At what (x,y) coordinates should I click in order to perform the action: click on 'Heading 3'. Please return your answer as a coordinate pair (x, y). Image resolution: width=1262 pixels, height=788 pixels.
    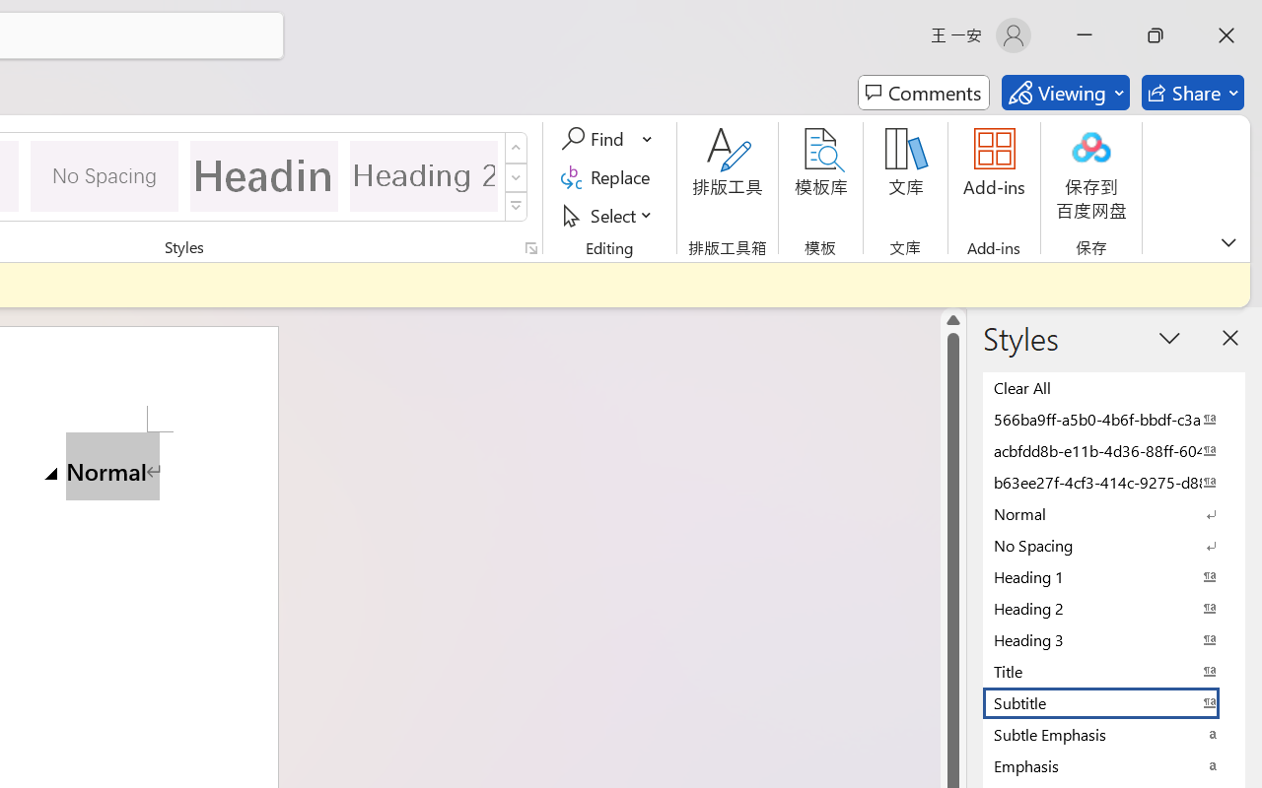
    Looking at the image, I should click on (1114, 638).